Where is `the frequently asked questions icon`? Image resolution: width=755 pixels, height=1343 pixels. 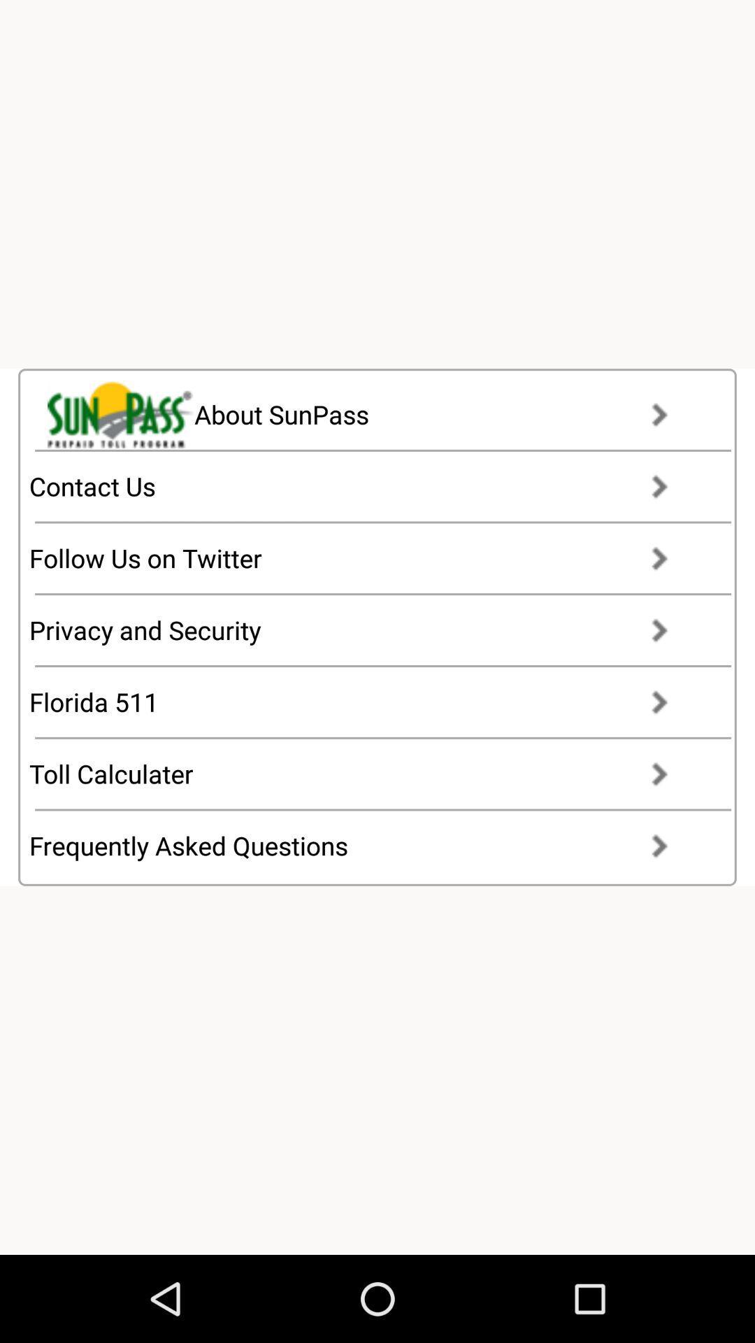 the frequently asked questions icon is located at coordinates (361, 845).